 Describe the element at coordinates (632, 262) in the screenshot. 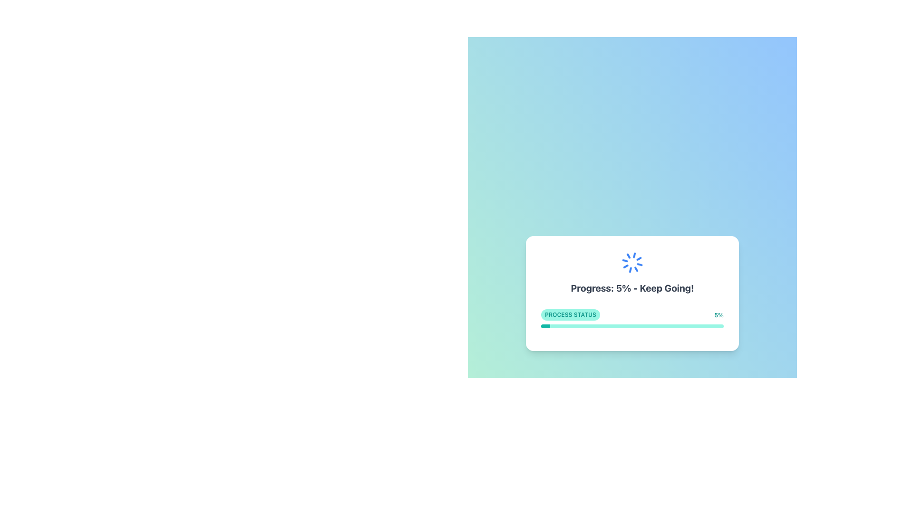

I see `the spinning loader icon, which is a circular arrangement of blue radial lines, centered above the text 'Progress: 5% - Keep Going!' in the progress tracking widget` at that location.